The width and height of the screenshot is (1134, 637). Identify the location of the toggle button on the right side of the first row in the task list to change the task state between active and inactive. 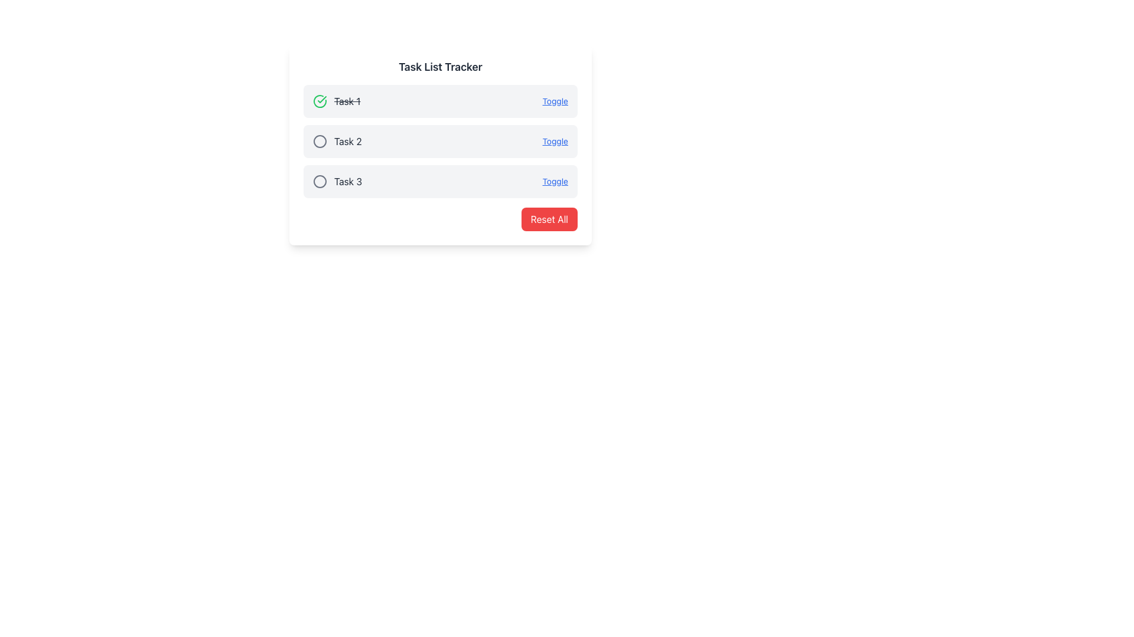
(555, 101).